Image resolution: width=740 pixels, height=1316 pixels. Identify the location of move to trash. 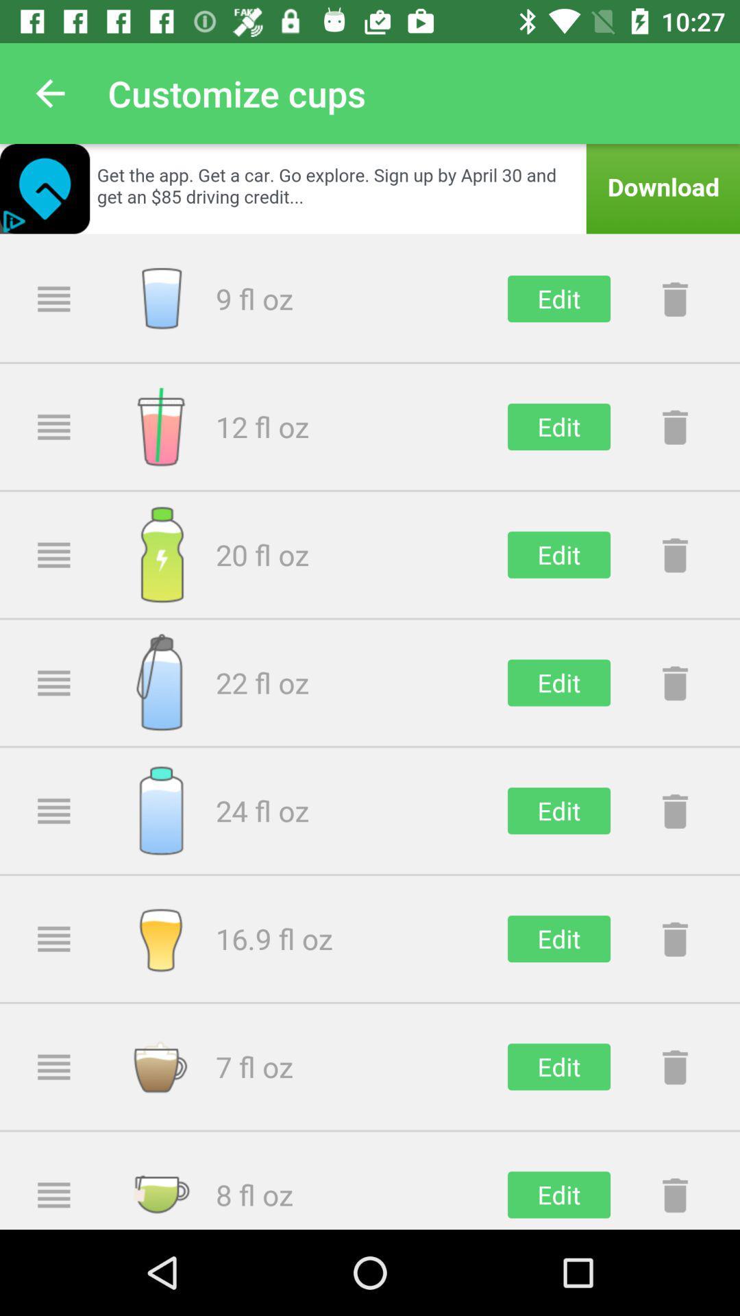
(674, 555).